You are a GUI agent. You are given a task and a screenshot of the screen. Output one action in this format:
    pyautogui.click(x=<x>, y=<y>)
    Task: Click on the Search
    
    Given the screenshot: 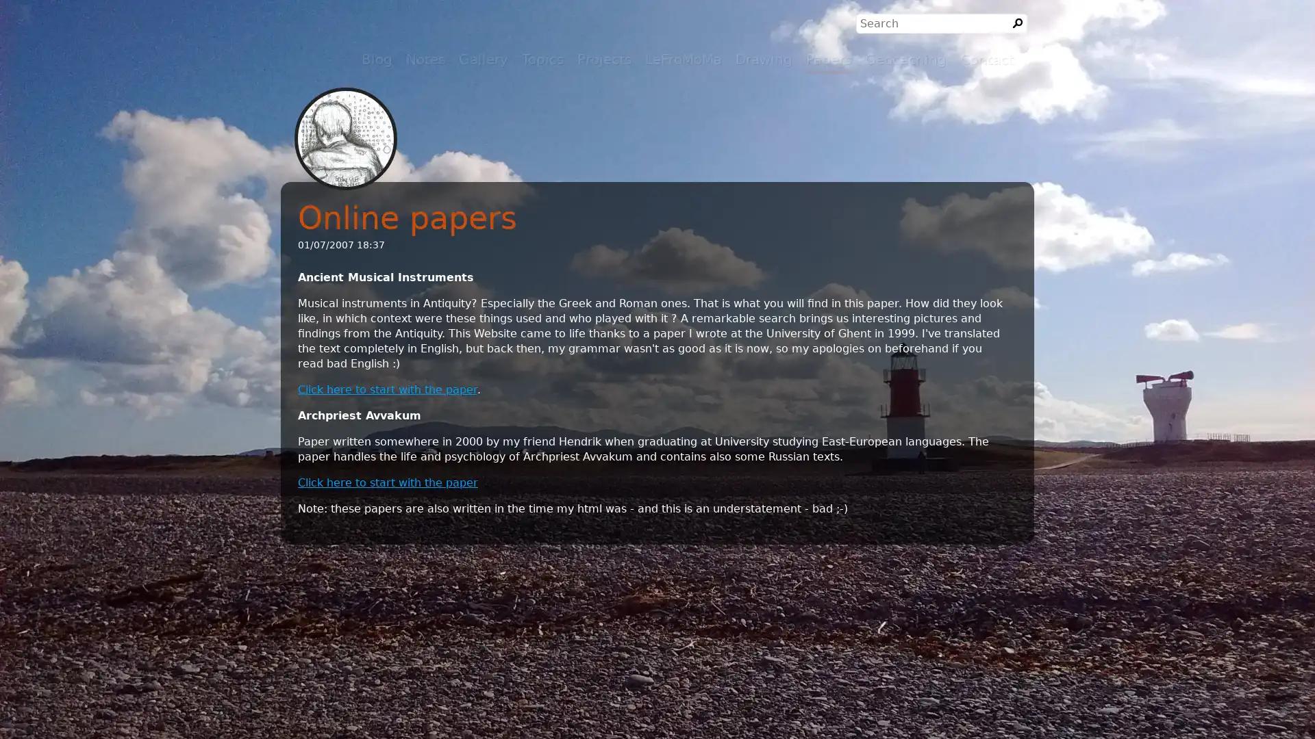 What is the action you would take?
    pyautogui.click(x=1018, y=23)
    